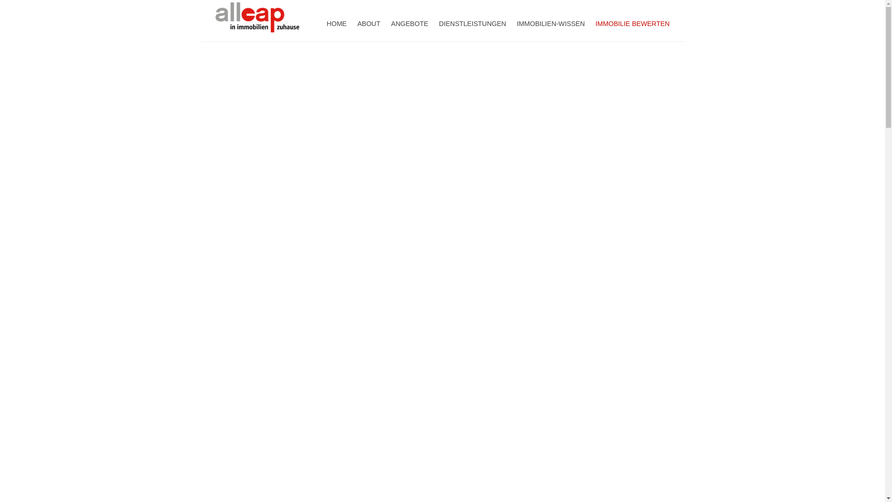 This screenshot has height=502, width=892. I want to click on 'DIENSTLEISTUNGEN', so click(472, 21).